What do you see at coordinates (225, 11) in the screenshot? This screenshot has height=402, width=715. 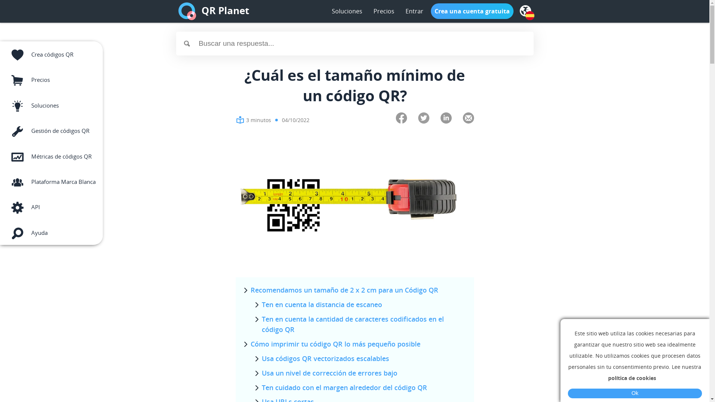 I see `'QR Planet'` at bounding box center [225, 11].